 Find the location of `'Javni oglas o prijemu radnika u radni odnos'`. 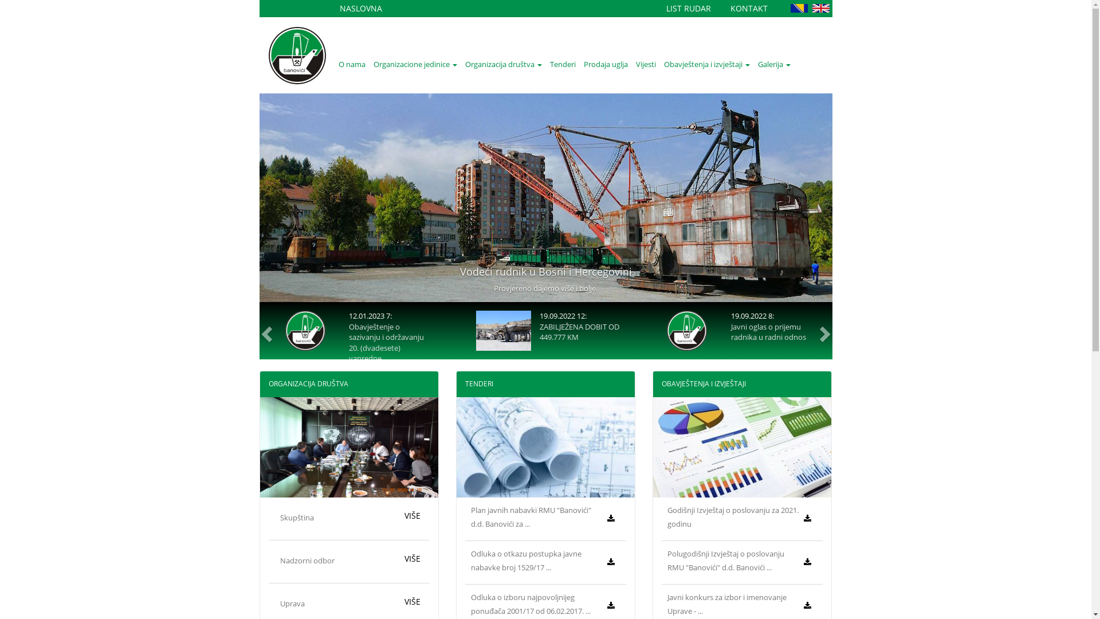

'Javni oglas o prijemu radnika u radni odnos' is located at coordinates (768, 332).